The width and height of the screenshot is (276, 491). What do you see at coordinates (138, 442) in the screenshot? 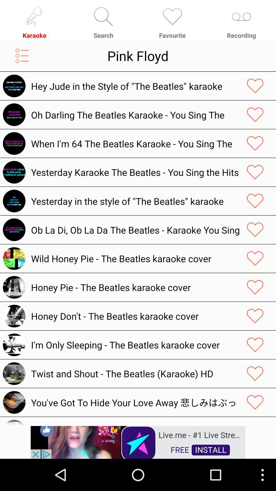
I see `open advertisement` at bounding box center [138, 442].